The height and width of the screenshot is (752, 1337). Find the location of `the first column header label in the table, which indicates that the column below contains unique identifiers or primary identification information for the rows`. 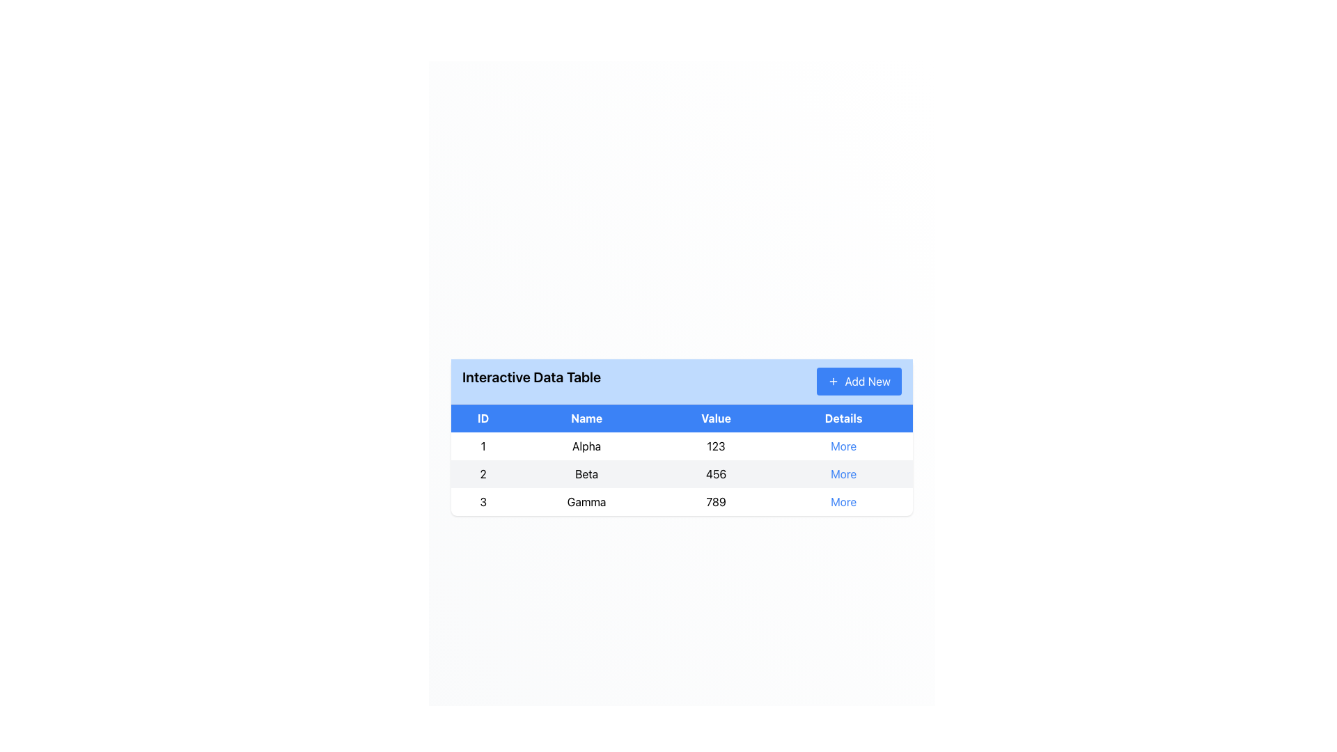

the first column header label in the table, which indicates that the column below contains unique identifiers or primary identification information for the rows is located at coordinates (483, 417).